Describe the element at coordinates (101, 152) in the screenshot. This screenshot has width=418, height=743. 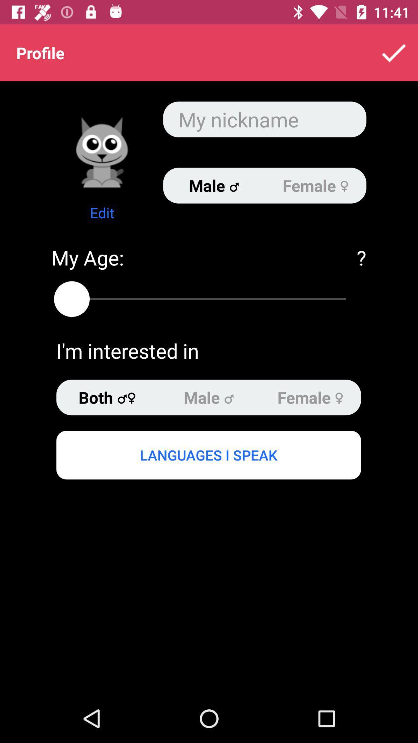
I see `change profile icon` at that location.